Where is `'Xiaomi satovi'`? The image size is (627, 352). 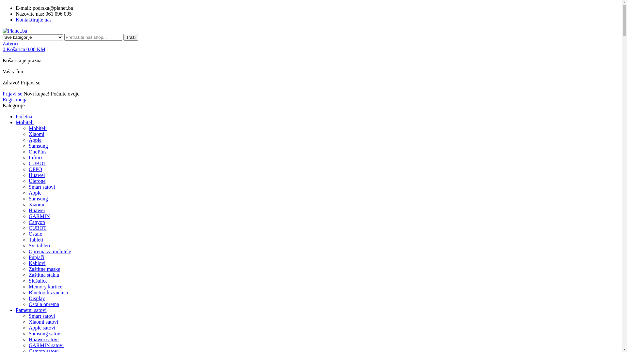 'Xiaomi satovi' is located at coordinates (43, 321).